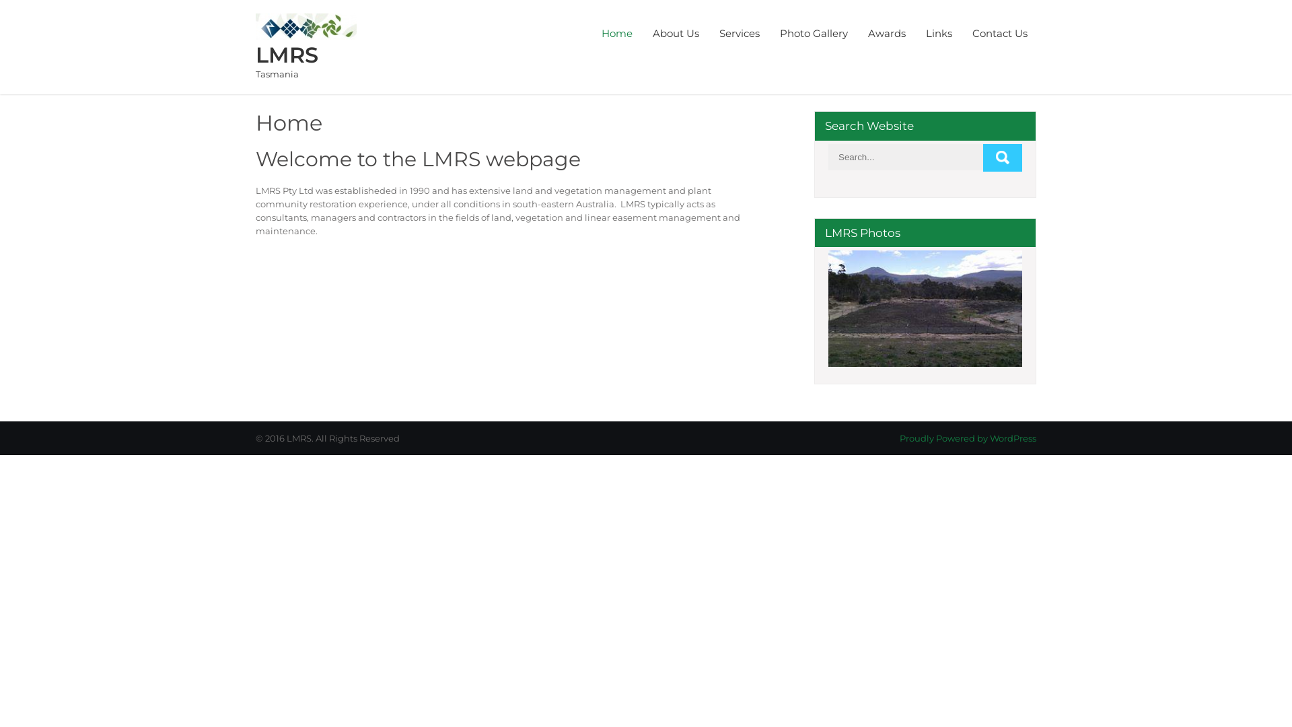 Image resolution: width=1292 pixels, height=727 pixels. Describe the element at coordinates (676, 33) in the screenshot. I see `'About Us'` at that location.